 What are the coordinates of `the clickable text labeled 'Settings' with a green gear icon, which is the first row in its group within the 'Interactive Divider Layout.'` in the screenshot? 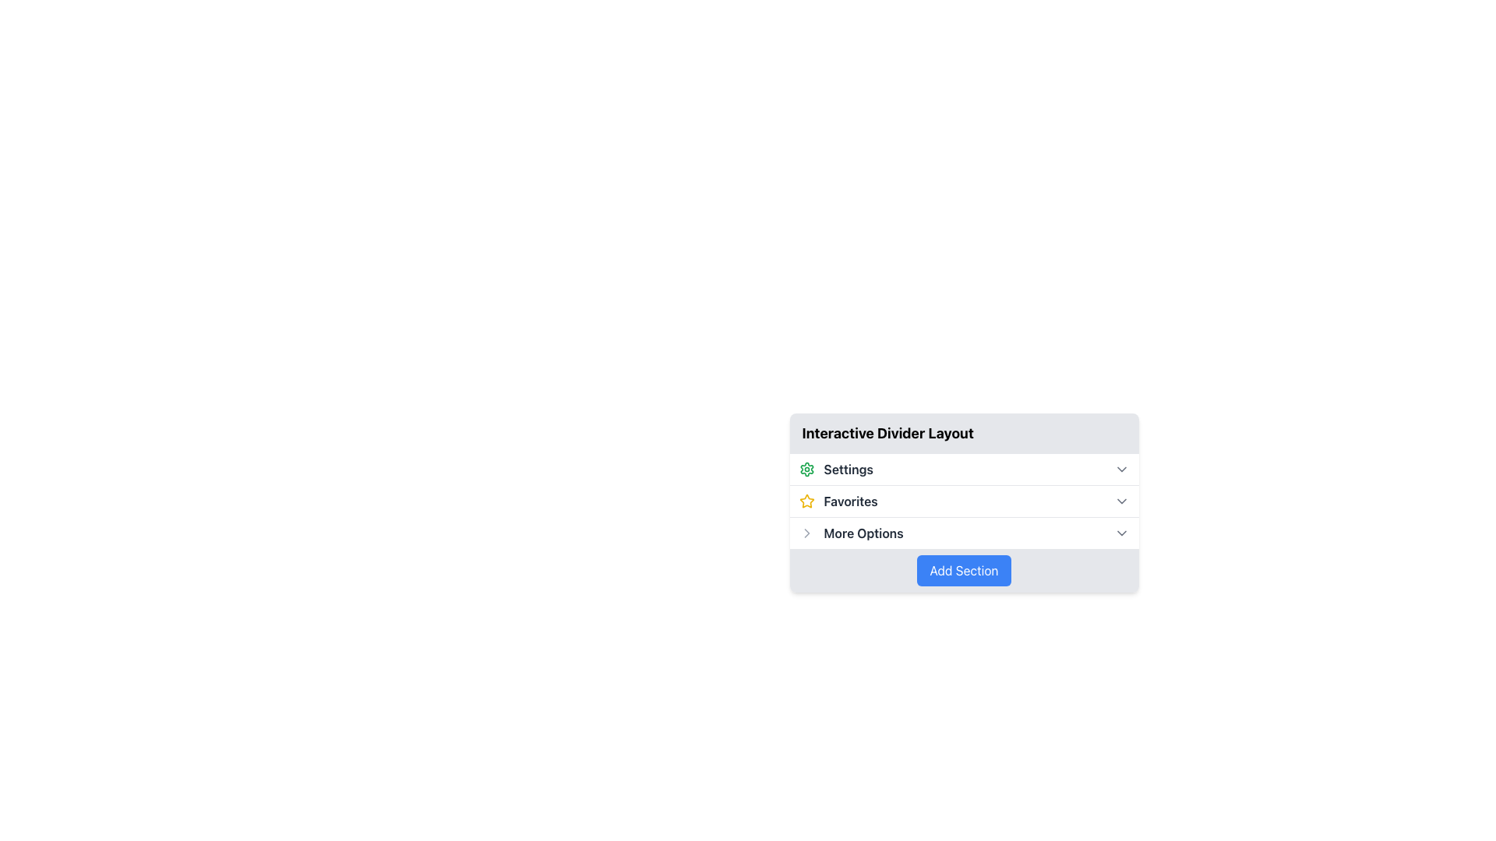 It's located at (835, 468).